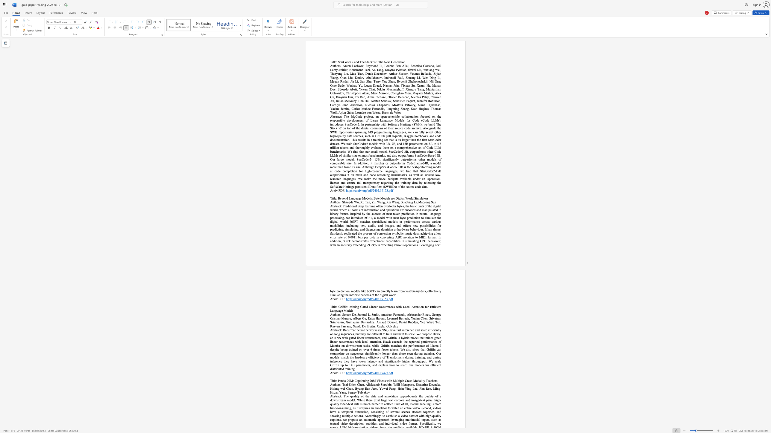 This screenshot has height=433, width=771. Describe the element at coordinates (335, 373) in the screenshot. I see `the subset text "iv PDF:" within the text "Arxiv PDF:"` at that location.